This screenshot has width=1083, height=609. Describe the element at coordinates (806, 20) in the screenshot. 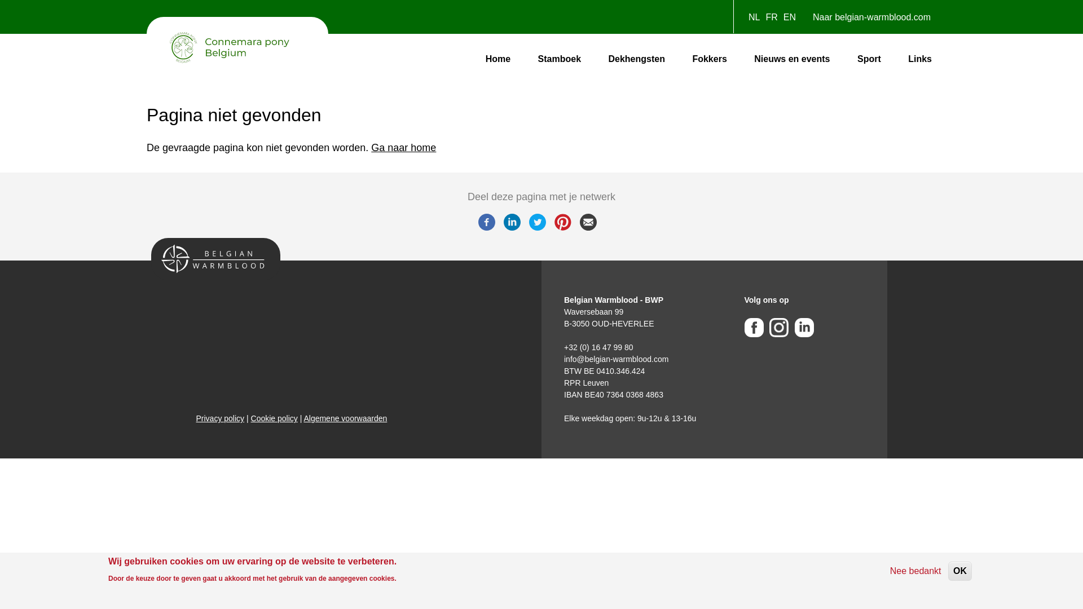

I see `'Naar belgian-warmblood.com'` at that location.